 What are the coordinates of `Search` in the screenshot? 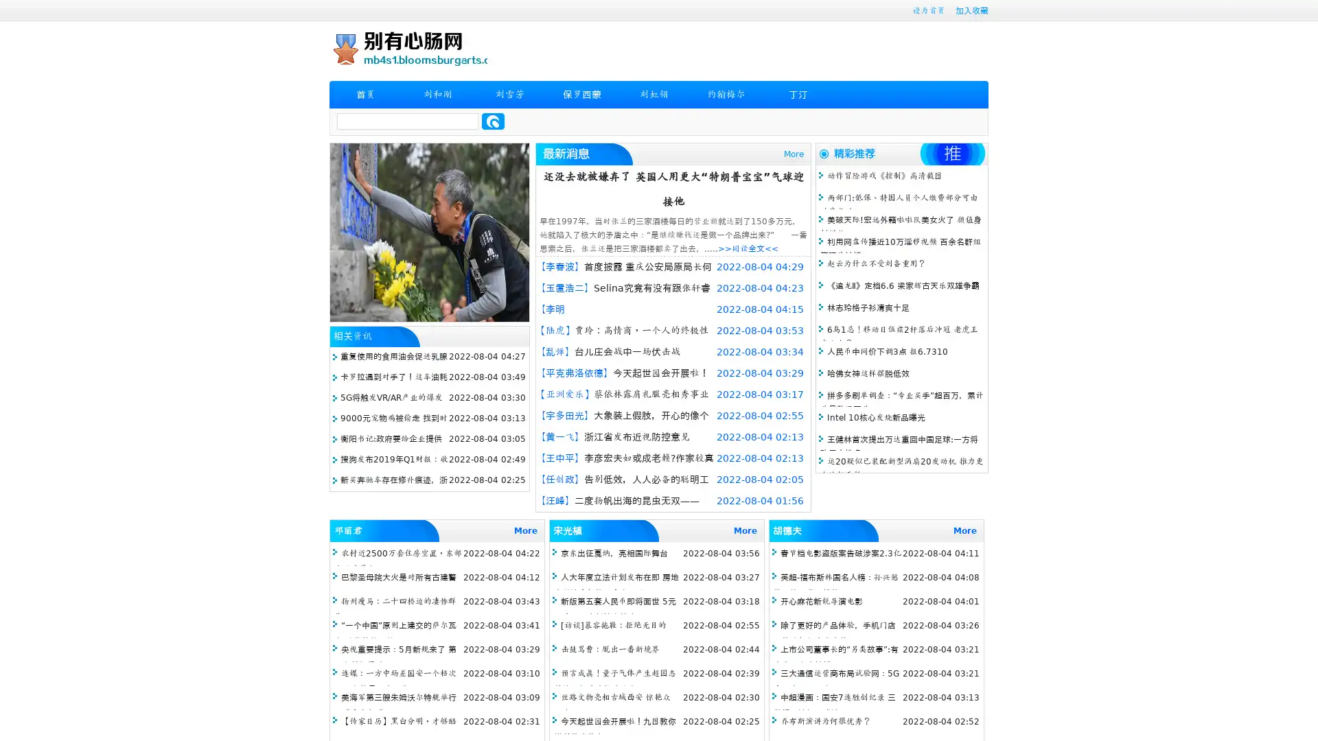 It's located at (493, 121).